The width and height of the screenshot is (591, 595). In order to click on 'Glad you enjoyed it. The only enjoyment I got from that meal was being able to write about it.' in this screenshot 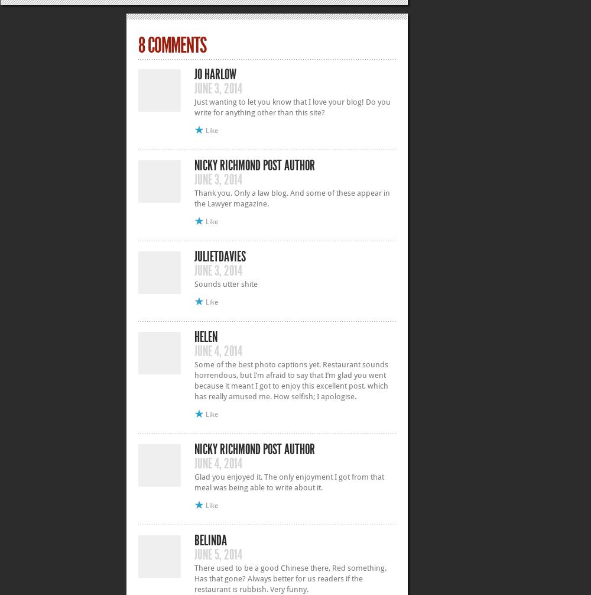, I will do `click(194, 481)`.